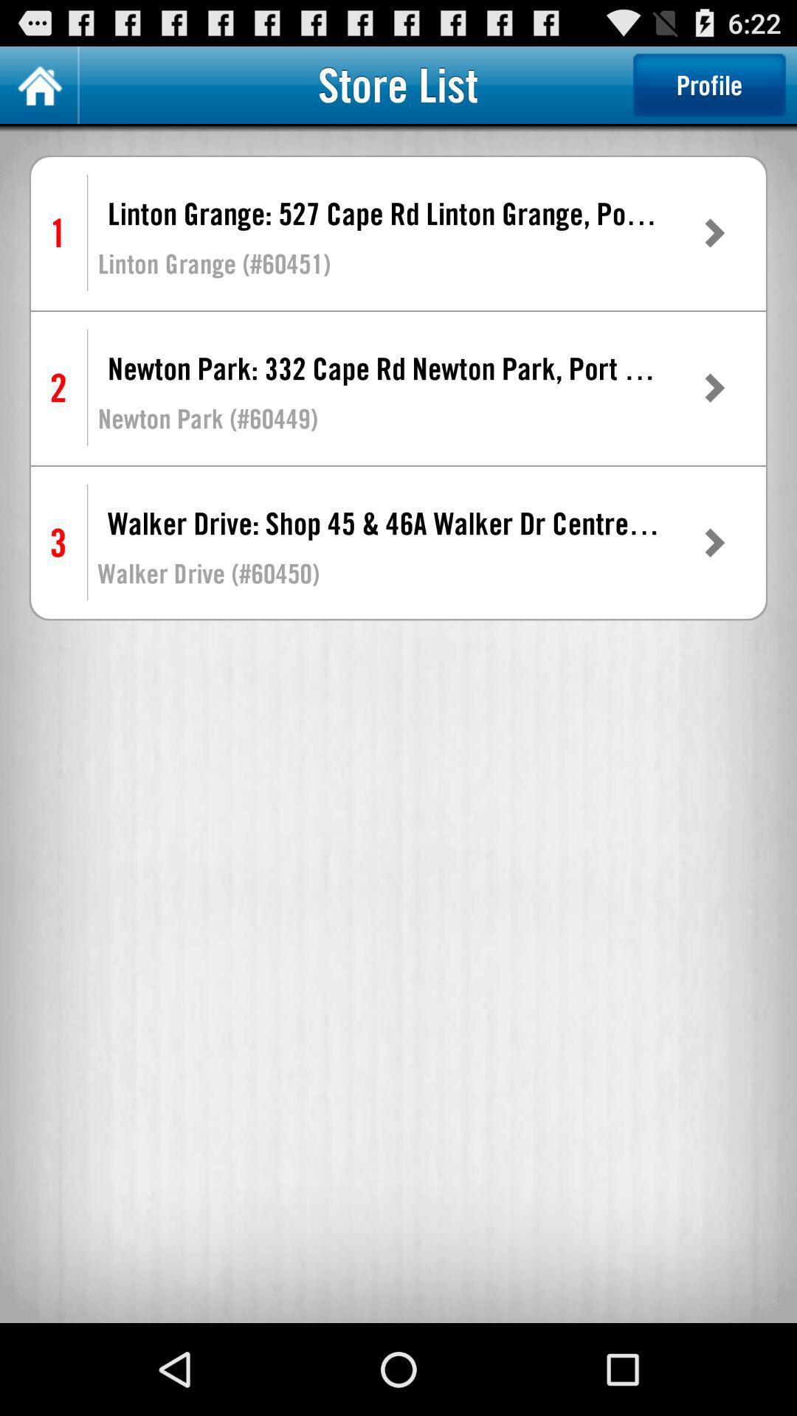 The image size is (797, 1416). What do you see at coordinates (713, 232) in the screenshot?
I see `the icon to the right of linton grange 527 icon` at bounding box center [713, 232].